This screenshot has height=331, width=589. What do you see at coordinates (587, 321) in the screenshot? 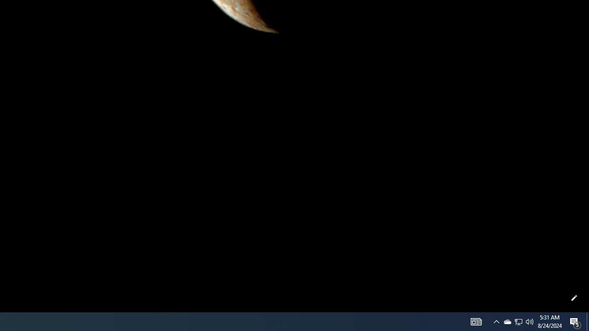
I see `'Show desktop'` at bounding box center [587, 321].